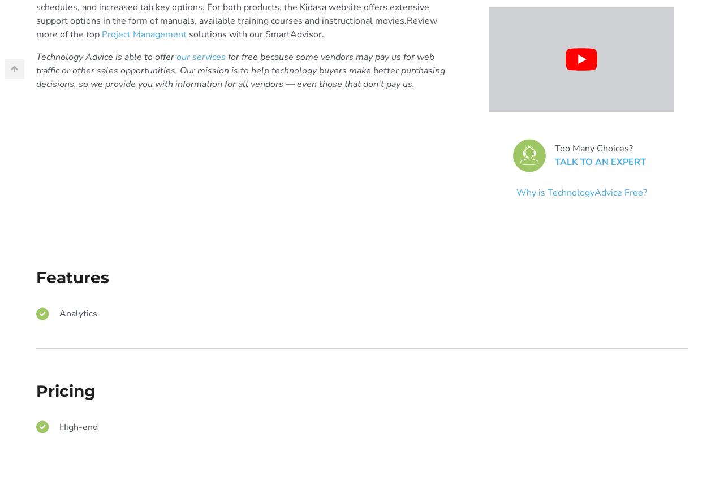 This screenshot has width=724, height=486. I want to click on 'Project Management', so click(101, 33).